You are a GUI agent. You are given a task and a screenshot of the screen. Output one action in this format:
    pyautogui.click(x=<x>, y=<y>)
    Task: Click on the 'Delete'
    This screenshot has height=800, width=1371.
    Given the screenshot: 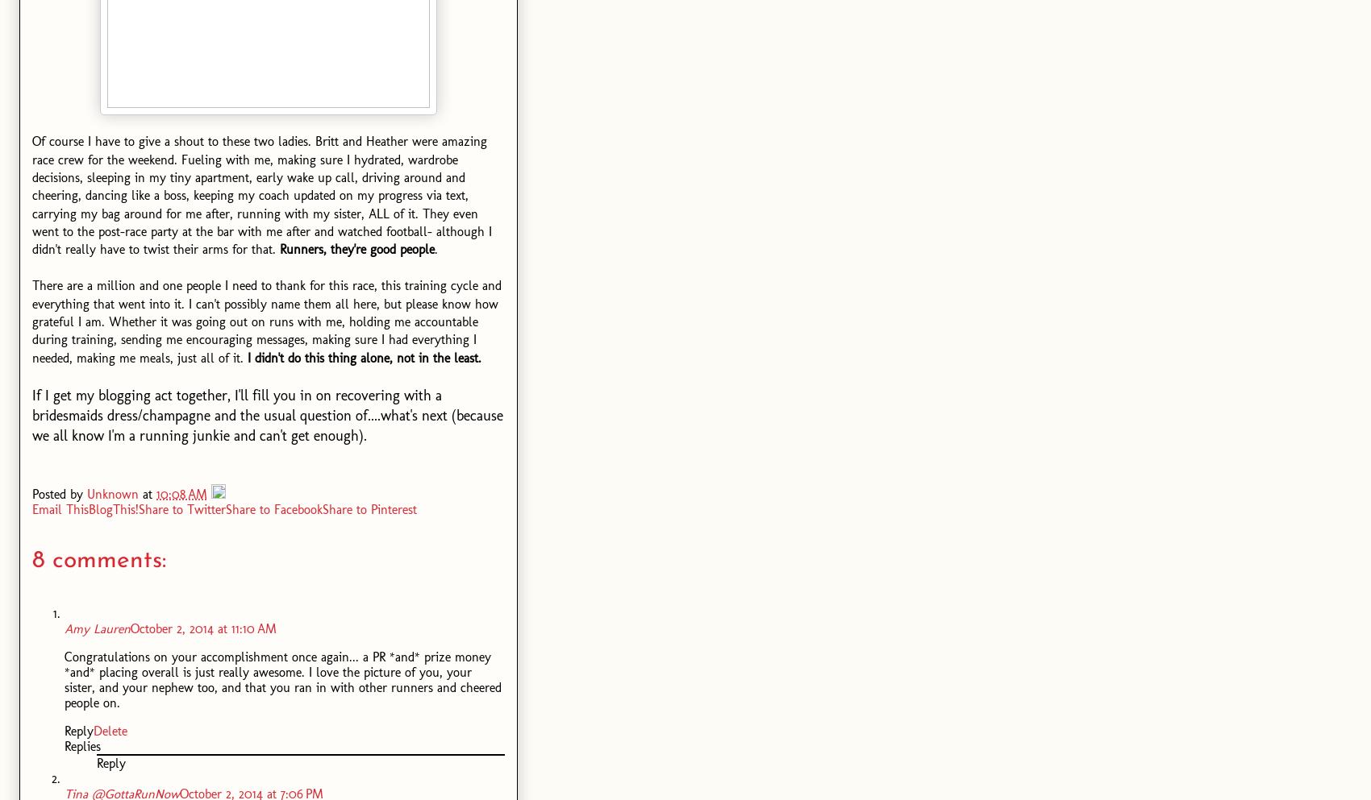 What is the action you would take?
    pyautogui.click(x=110, y=731)
    